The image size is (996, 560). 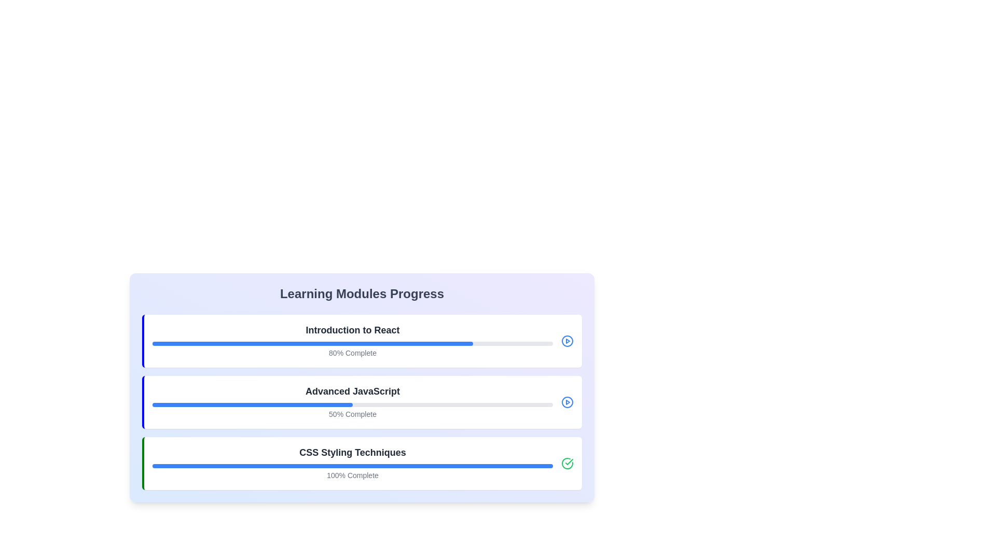 I want to click on the play icon located to the right of the 'Introduction to React' progress bar, which initiates the action associated with this module, so click(x=567, y=341).